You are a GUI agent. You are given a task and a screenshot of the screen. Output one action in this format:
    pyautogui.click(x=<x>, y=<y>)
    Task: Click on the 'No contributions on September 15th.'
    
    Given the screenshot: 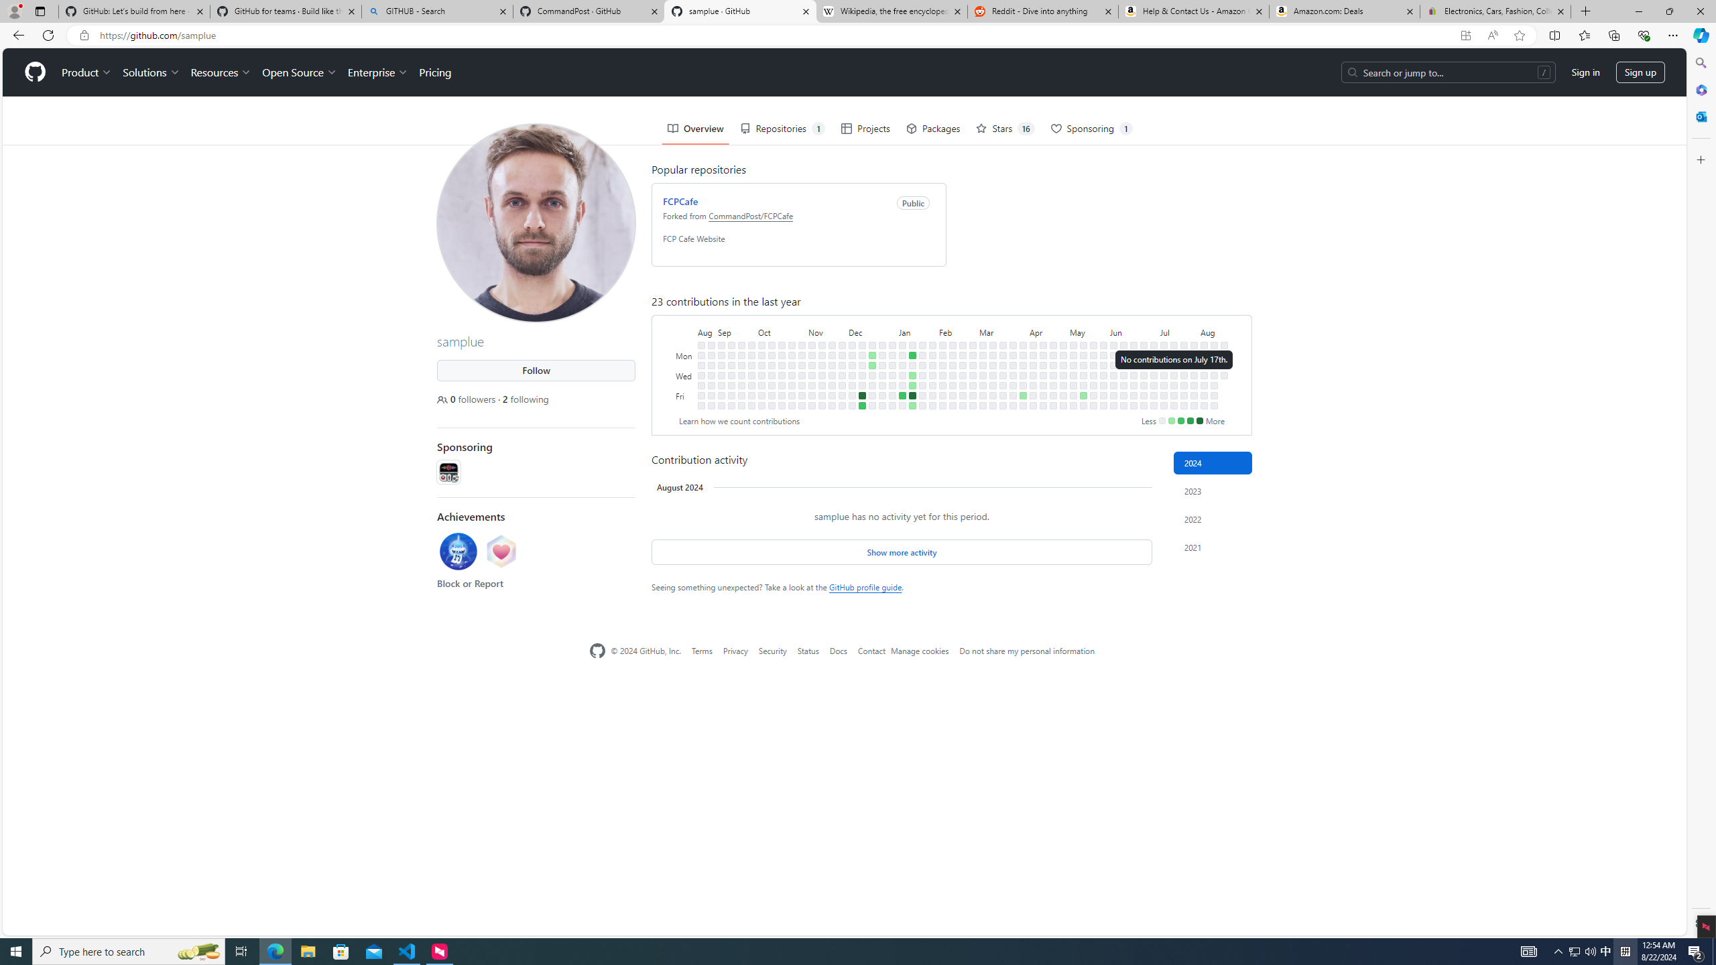 What is the action you would take?
    pyautogui.click(x=731, y=395)
    